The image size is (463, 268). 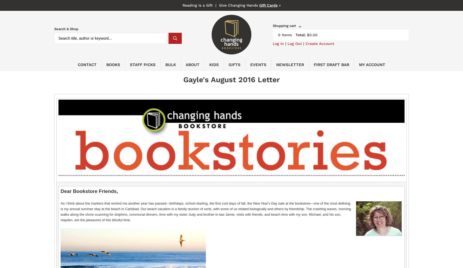 What do you see at coordinates (183, 79) in the screenshot?
I see `'Gayle's August 2016 Letter'` at bounding box center [183, 79].